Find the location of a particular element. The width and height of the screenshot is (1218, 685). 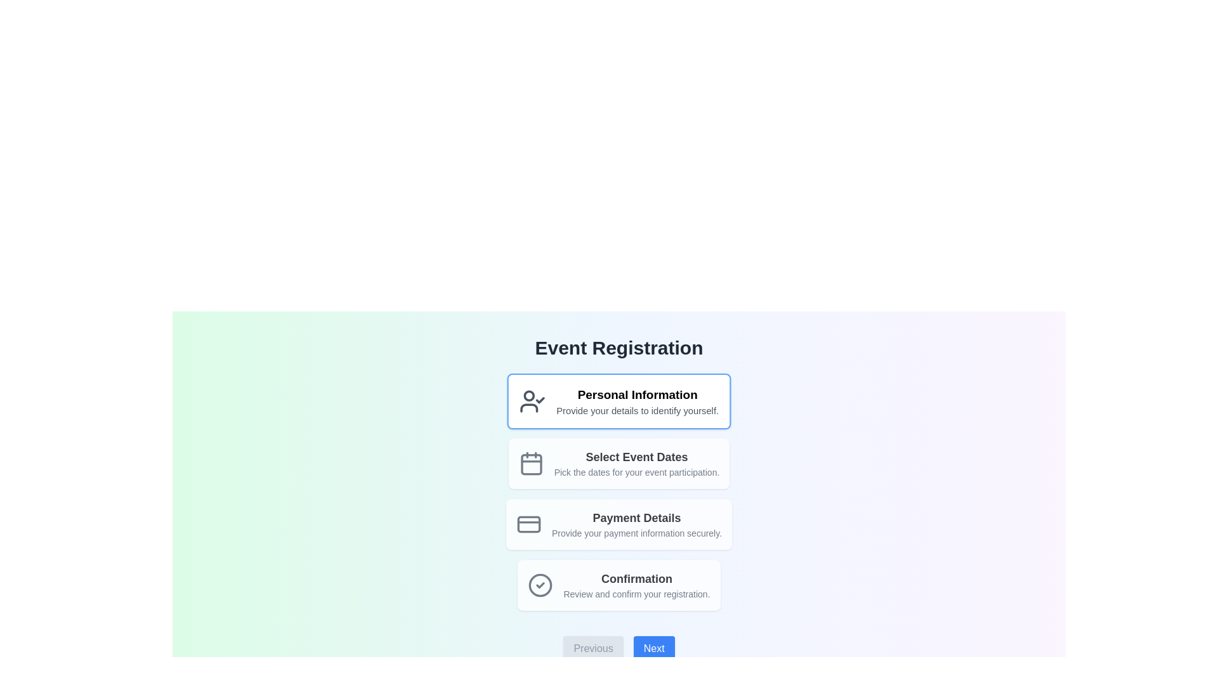

the text instruction that reads 'Provide your details to identify yourself.' which is located beneath the bold heading 'Personal Information.' is located at coordinates (638, 410).